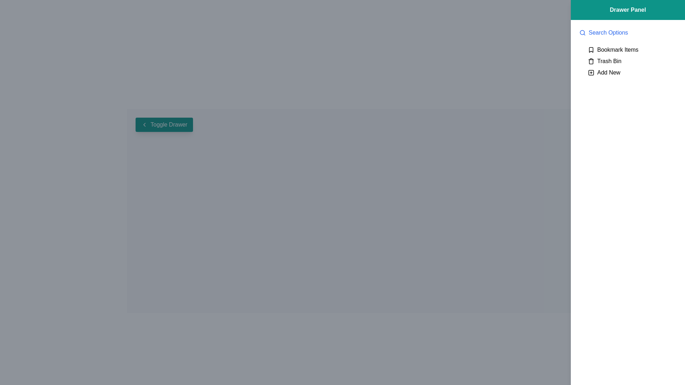  I want to click on the text label that says 'Drawer Panel', which is styled with a bold white font on a teal background, located at the top-right corner of the interface, so click(628, 10).